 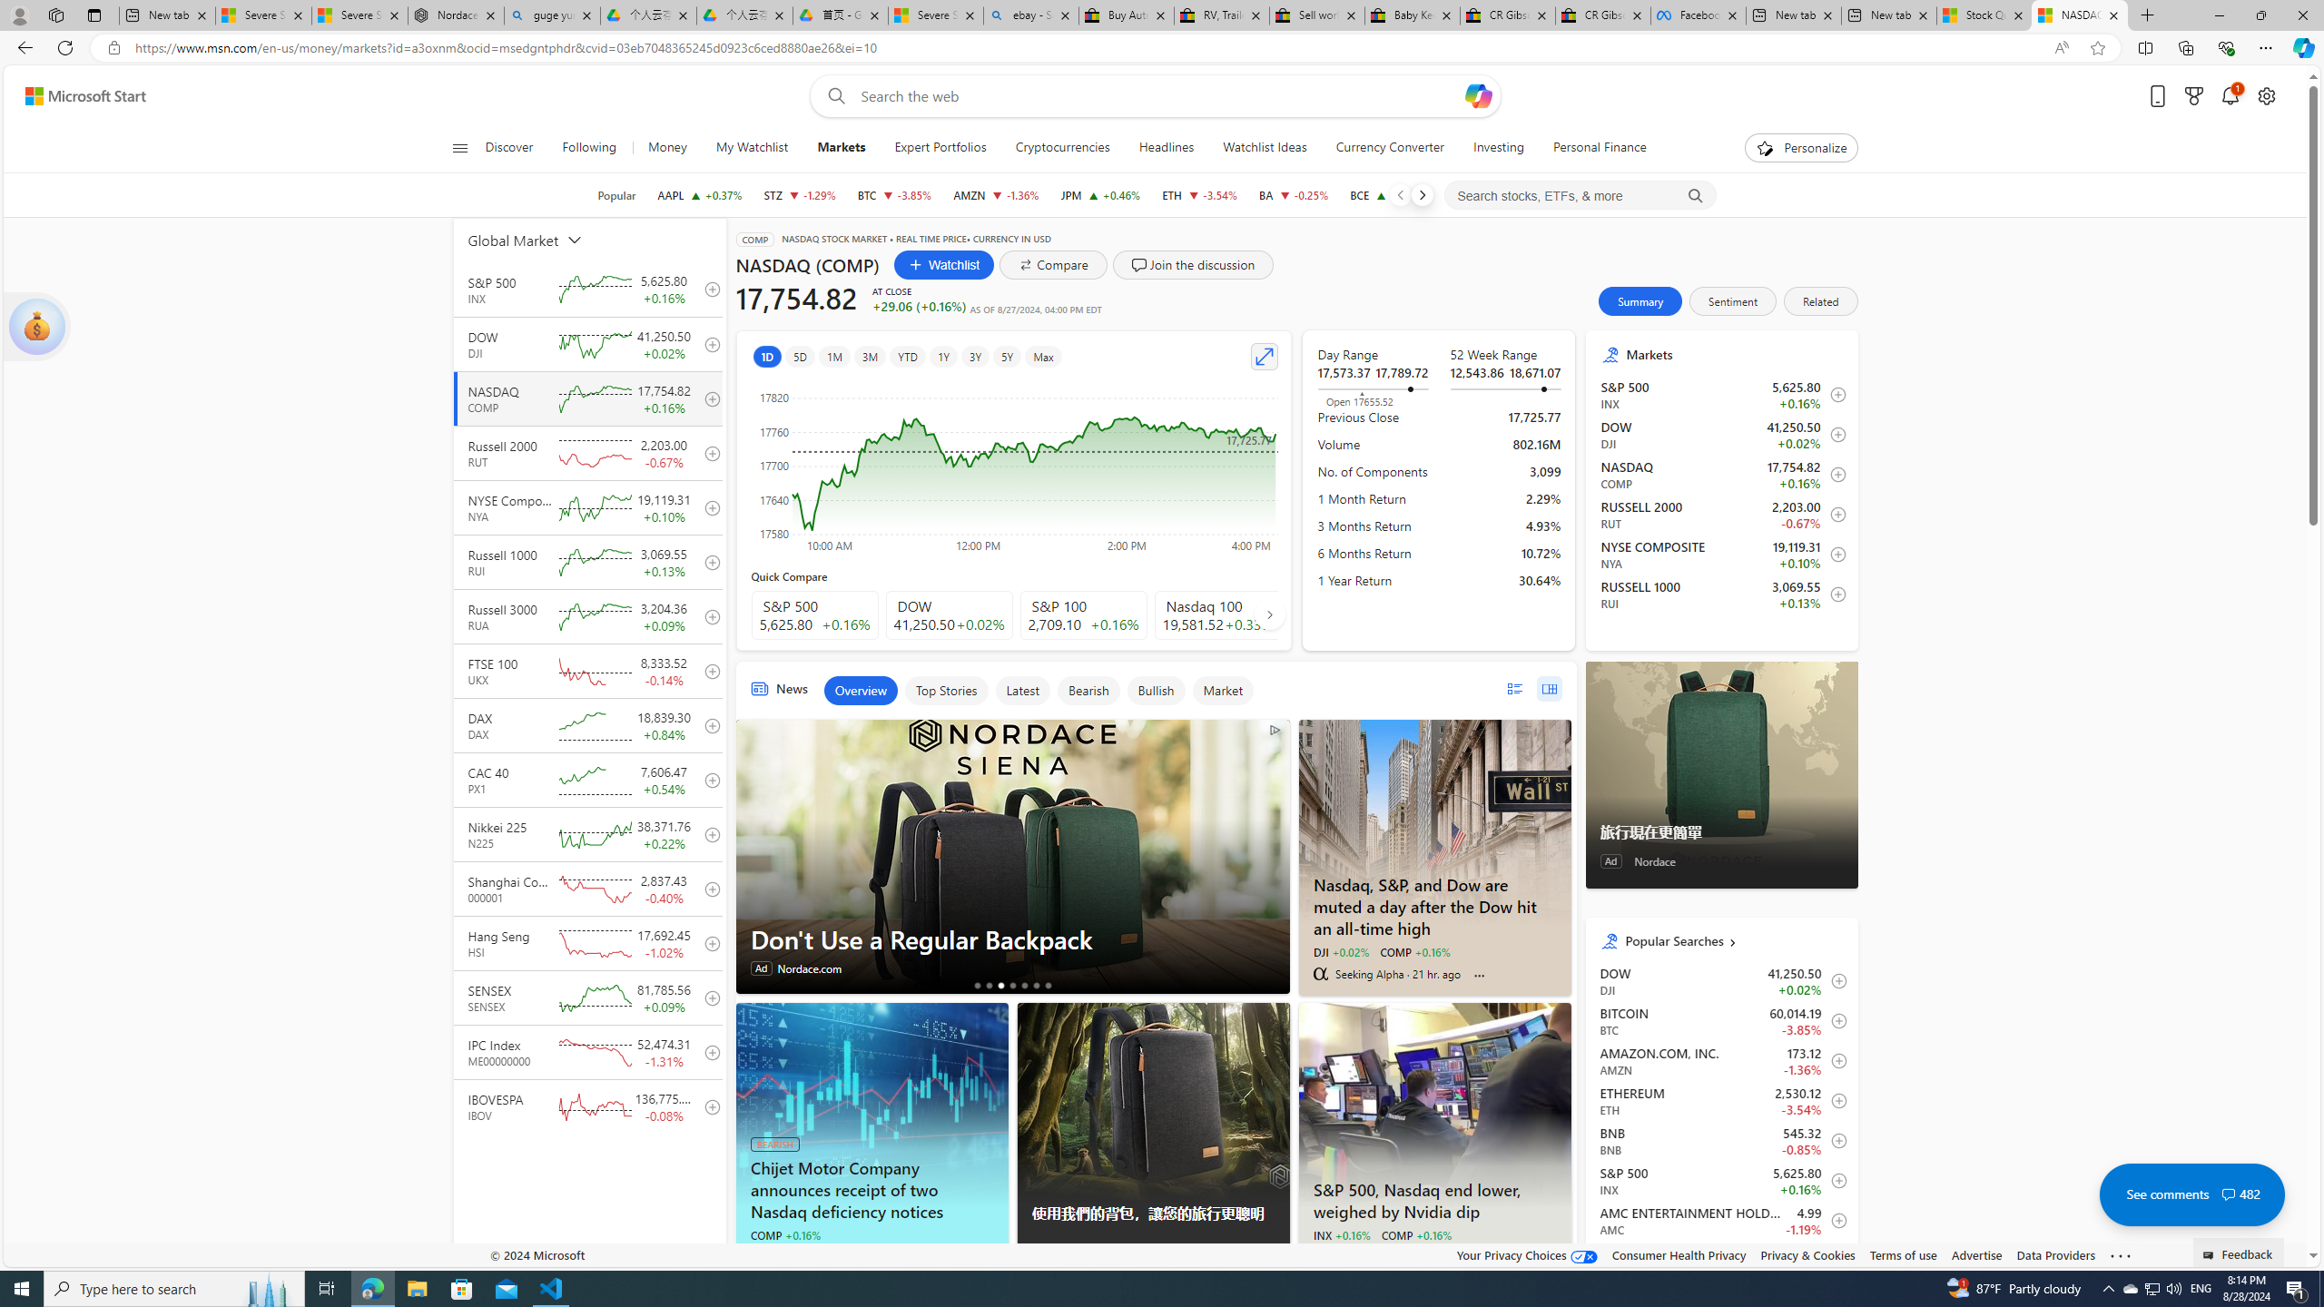 What do you see at coordinates (1387, 194) in the screenshot?
I see `'BCE BCE Inc increase 35.22 +0.08 +0.23%'` at bounding box center [1387, 194].